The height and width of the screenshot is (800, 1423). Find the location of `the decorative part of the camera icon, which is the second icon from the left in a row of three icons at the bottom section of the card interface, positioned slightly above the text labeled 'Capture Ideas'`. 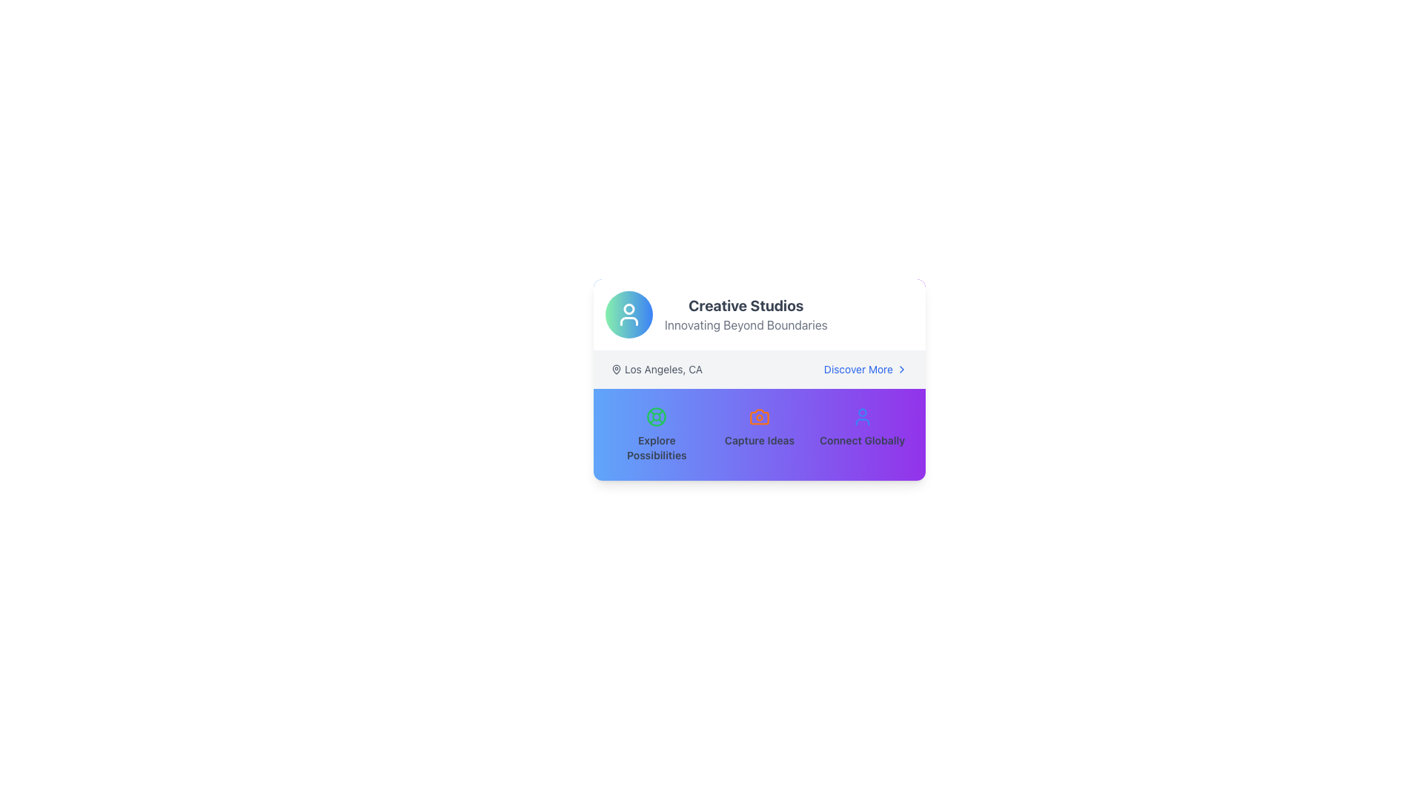

the decorative part of the camera icon, which is the second icon from the left in a row of three icons at the bottom section of the card interface, positioned slightly above the text labeled 'Capture Ideas' is located at coordinates (759, 417).